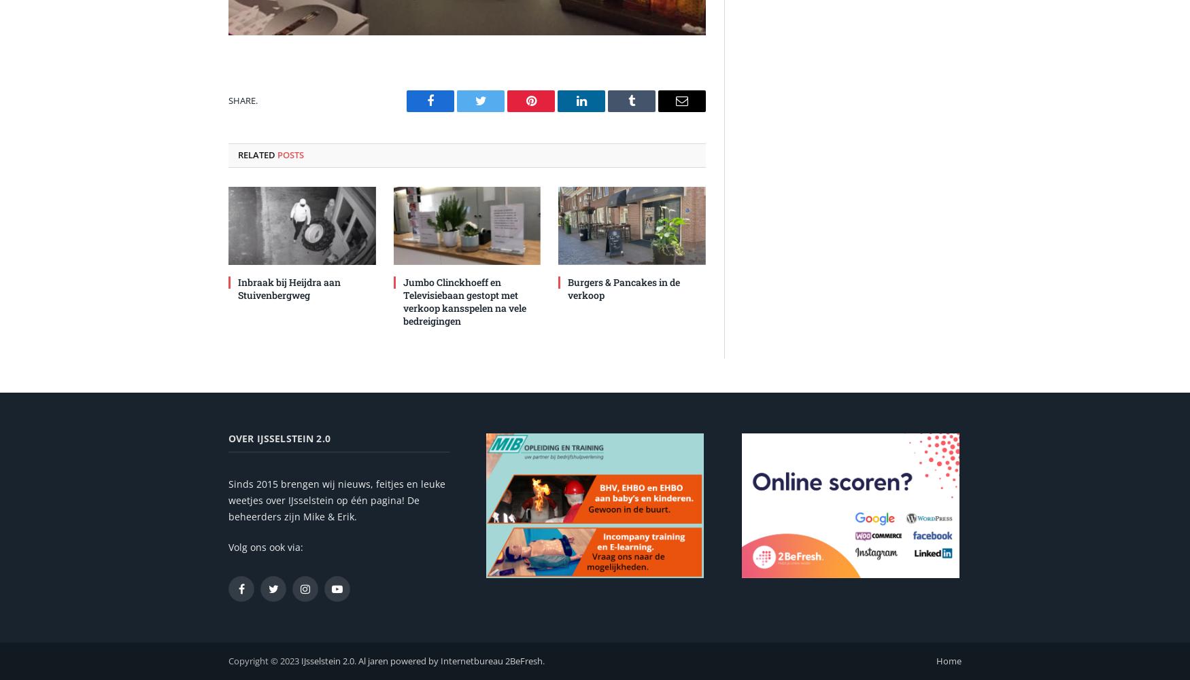 The image size is (1190, 680). I want to click on 'Posts', so click(290, 154).